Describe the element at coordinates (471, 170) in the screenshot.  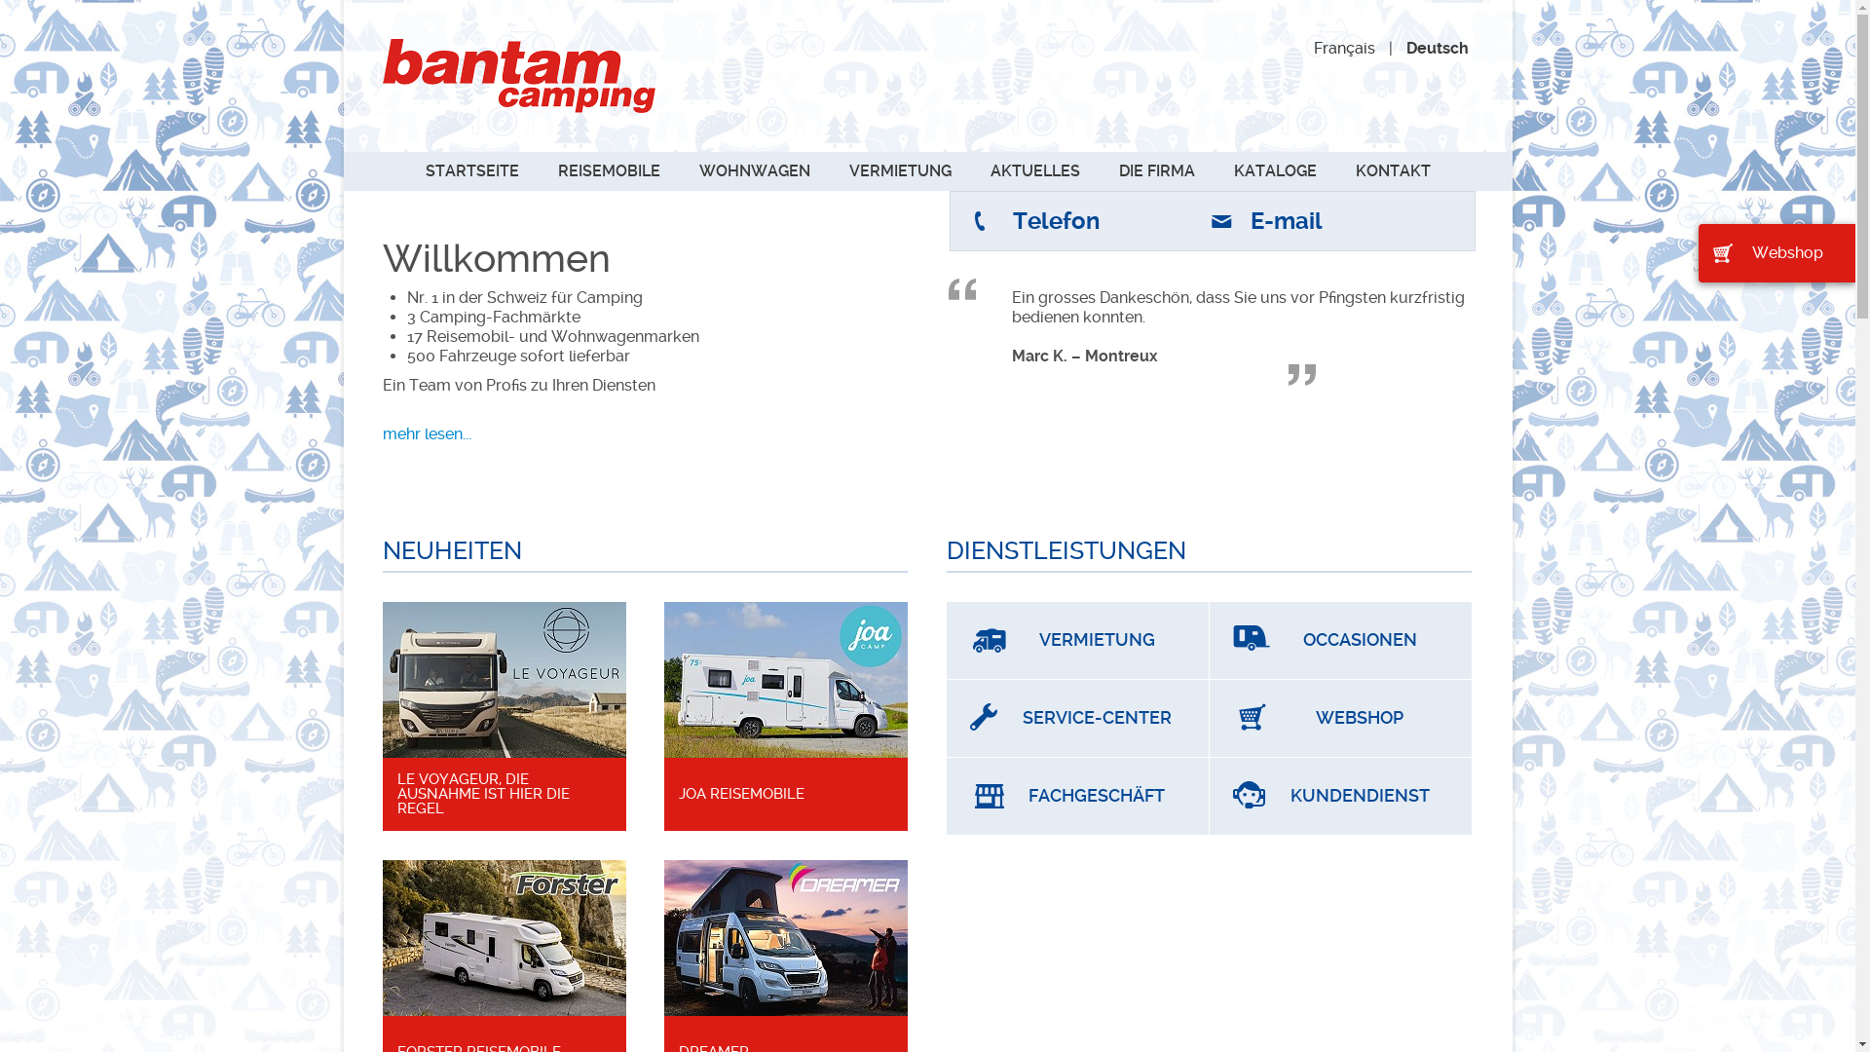
I see `'STARTSEITE'` at that location.